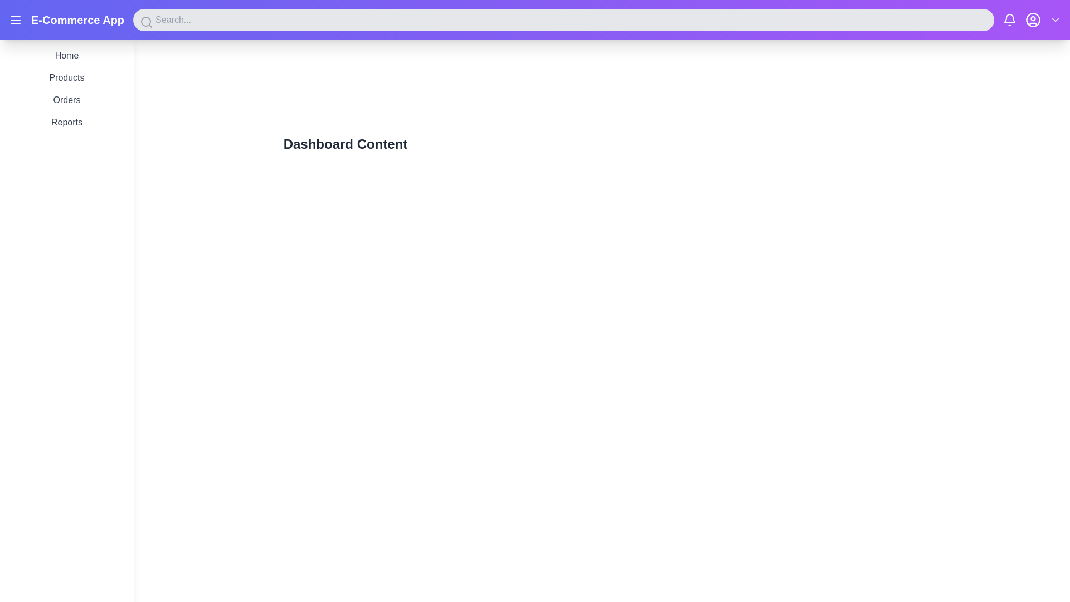  What do you see at coordinates (1032, 20) in the screenshot?
I see `the user profile icon button located in the header's right-hand section, which is the third icon from the right` at bounding box center [1032, 20].